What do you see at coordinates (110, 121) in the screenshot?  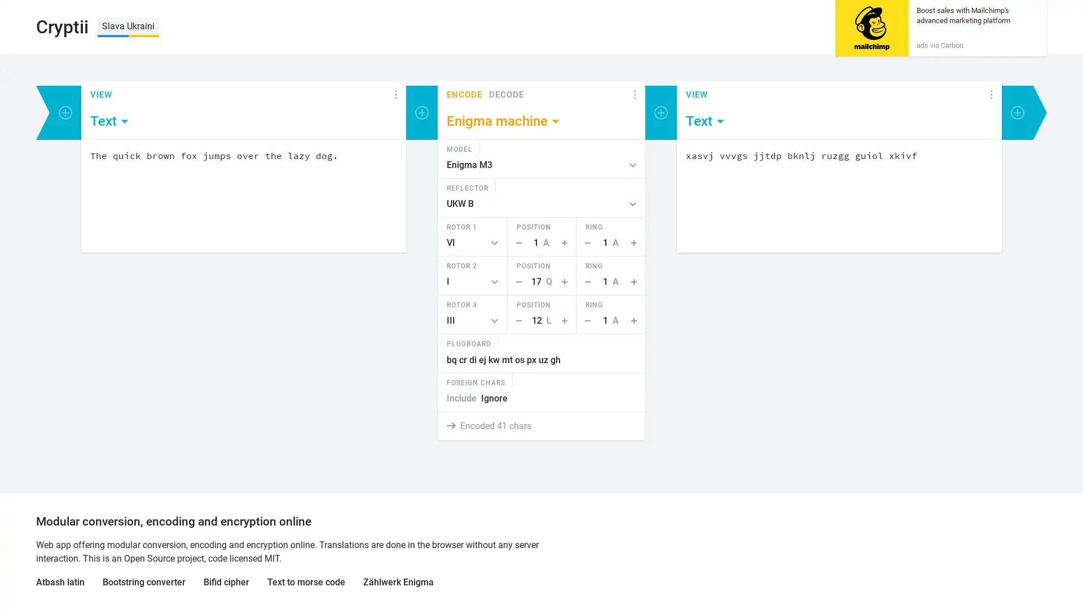 I see `Text` at bounding box center [110, 121].